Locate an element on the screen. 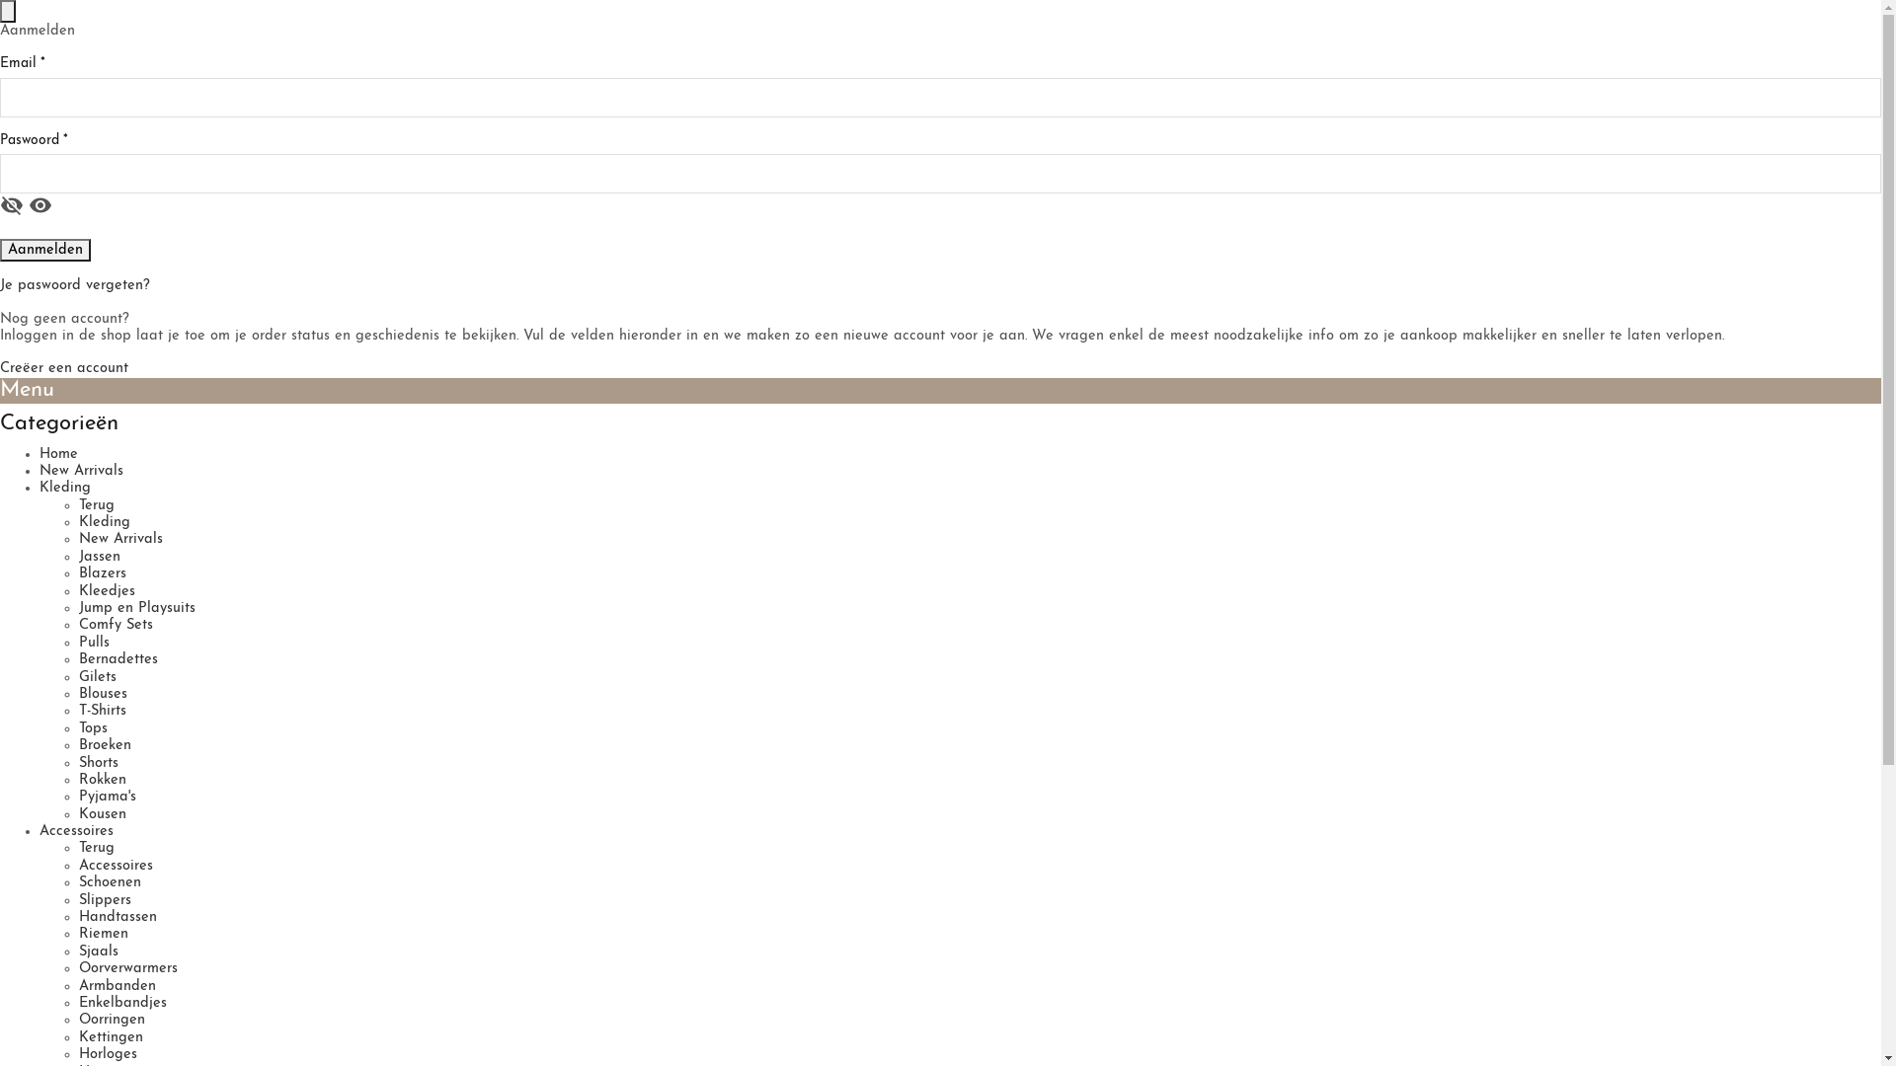  'Je paswoord vergeten?' is located at coordinates (75, 285).